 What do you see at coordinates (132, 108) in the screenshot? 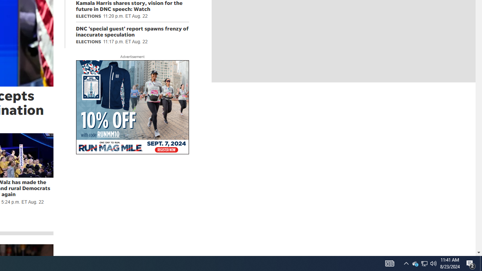
I see `'AutomationID: aw0'` at bounding box center [132, 108].